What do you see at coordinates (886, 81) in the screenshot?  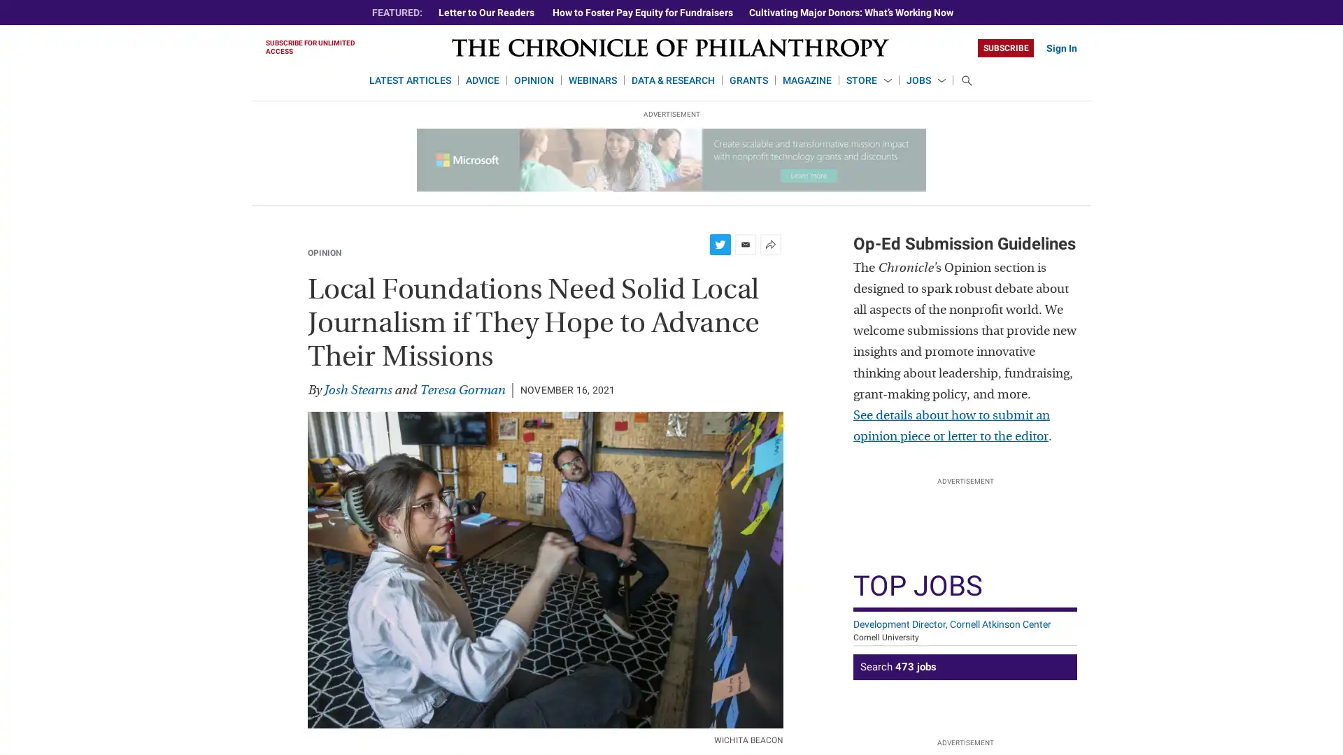 I see `Open Sub Navigation` at bounding box center [886, 81].